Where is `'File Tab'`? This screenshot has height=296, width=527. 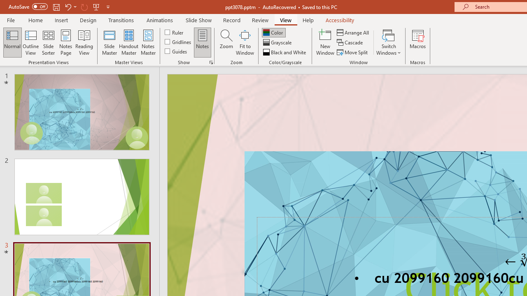
'File Tab' is located at coordinates (11, 19).